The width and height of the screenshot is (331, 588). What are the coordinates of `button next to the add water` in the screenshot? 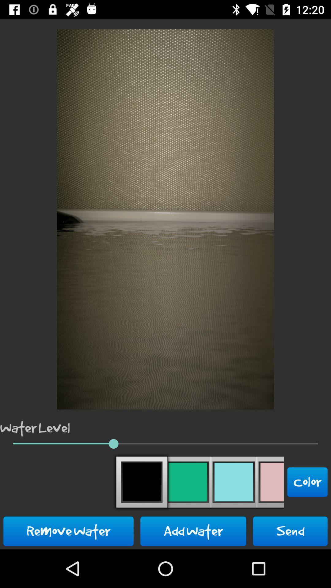 It's located at (290, 531).